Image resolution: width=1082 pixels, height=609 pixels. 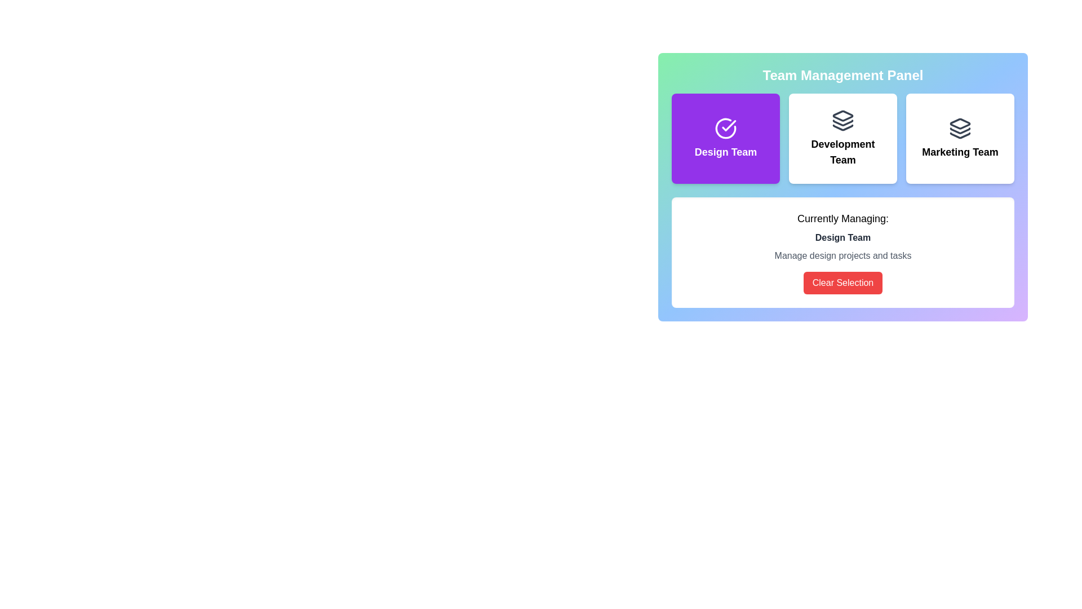 I want to click on the 'Development Team' icon which visually represents the menu option, located at the center-top of the 'Development Team' interface card, so click(x=843, y=120).